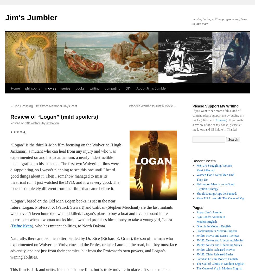 The height and width of the screenshot is (271, 255). Describe the element at coordinates (214, 168) in the screenshot. I see `'Men are Struggling, Women Most Affected'` at that location.